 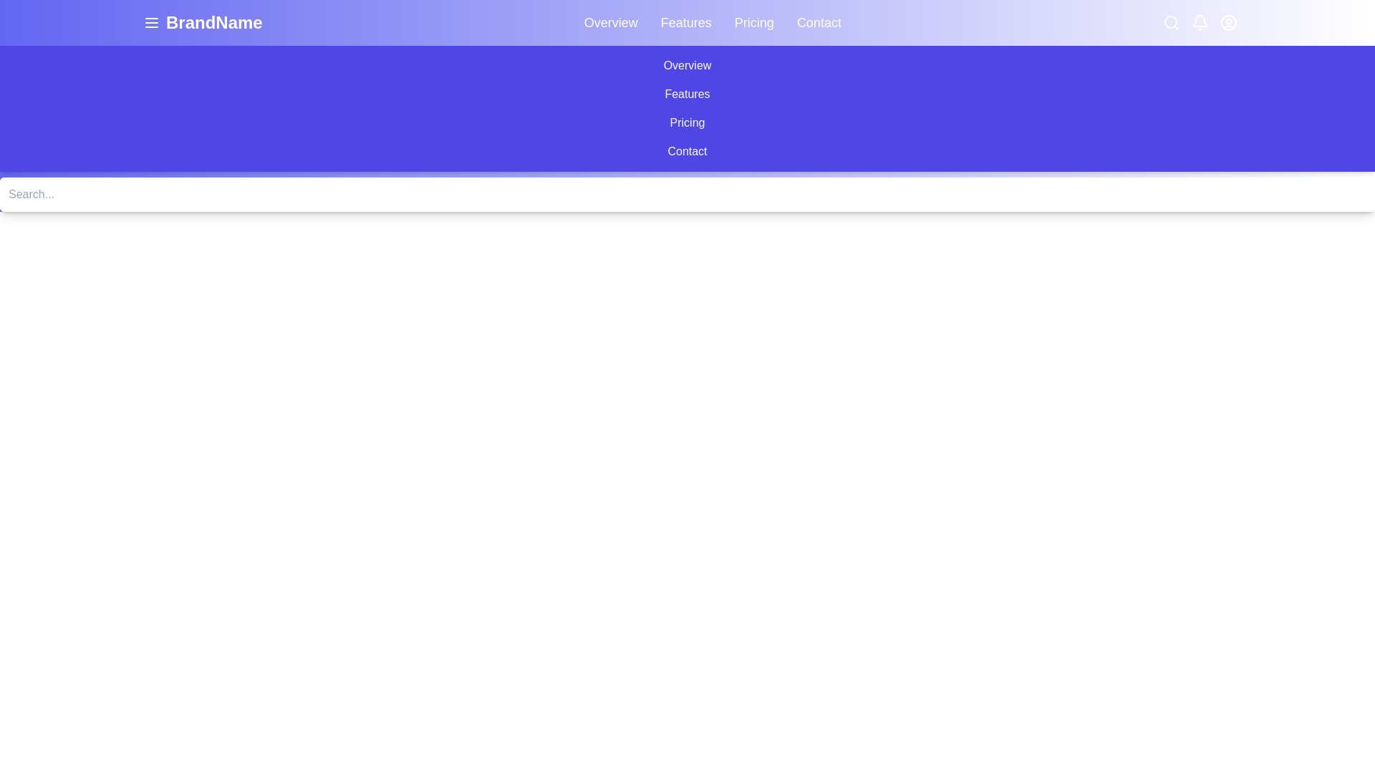 I want to click on the three-line menu button located to the left of the 'BrandName' text, so click(x=151, y=22).